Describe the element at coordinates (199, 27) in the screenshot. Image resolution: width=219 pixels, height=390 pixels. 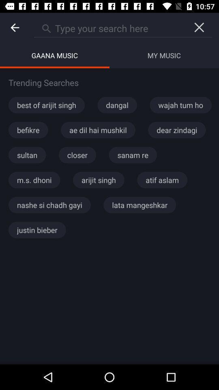
I see `the close icon below the navigation bar` at that location.